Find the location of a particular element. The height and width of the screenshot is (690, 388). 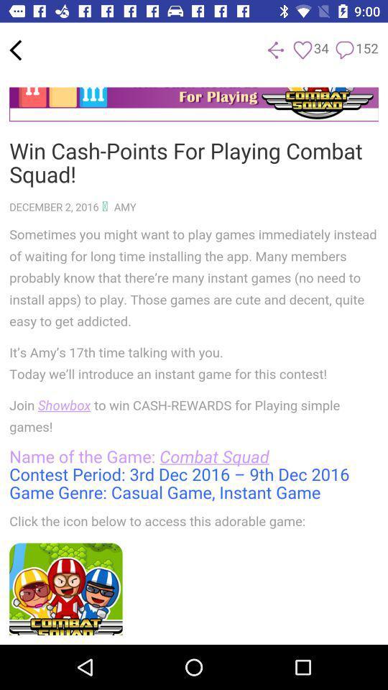

the share icon is located at coordinates (275, 50).